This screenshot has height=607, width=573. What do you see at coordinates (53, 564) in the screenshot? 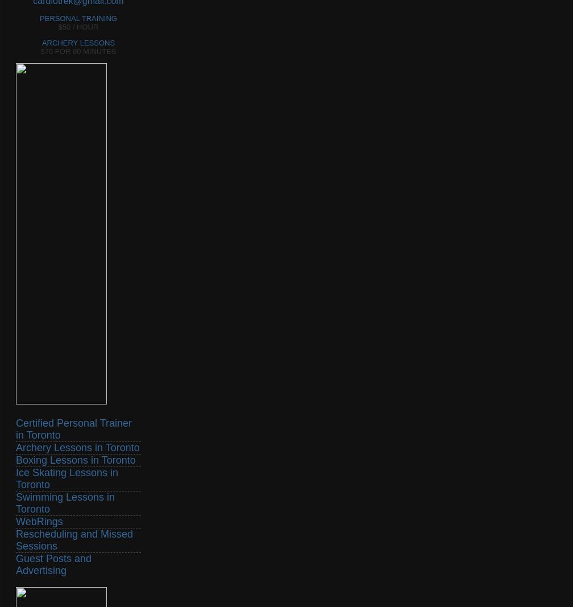
I see `'Guest Posts and Advertising'` at bounding box center [53, 564].